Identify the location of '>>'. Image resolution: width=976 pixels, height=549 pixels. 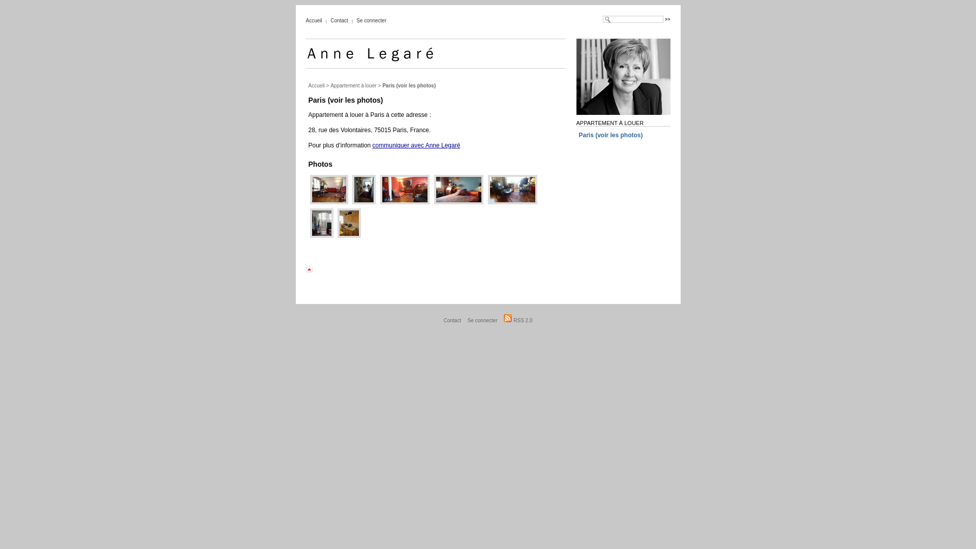
(667, 19).